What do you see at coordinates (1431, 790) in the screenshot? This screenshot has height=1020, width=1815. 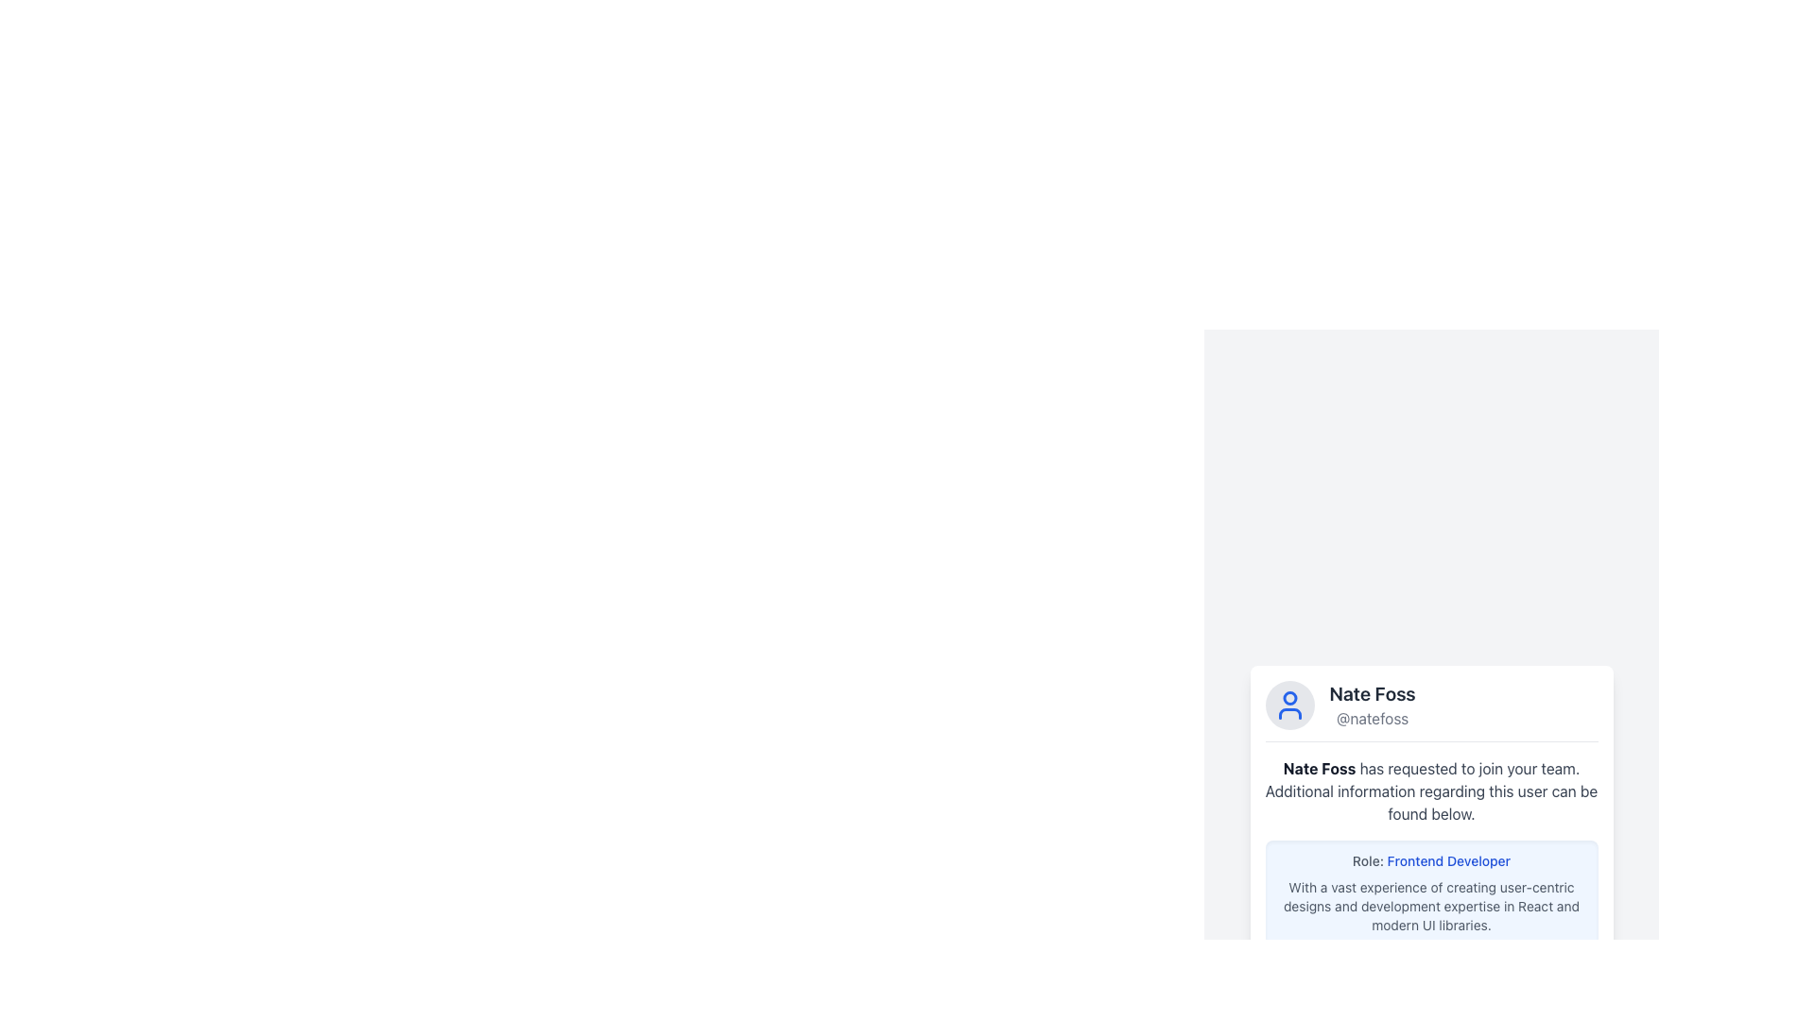 I see `the text field that provides summary notifications regarding a user's request to join a team, located in the middle part of the user information card, below the username and above the 'Role' section` at bounding box center [1431, 790].